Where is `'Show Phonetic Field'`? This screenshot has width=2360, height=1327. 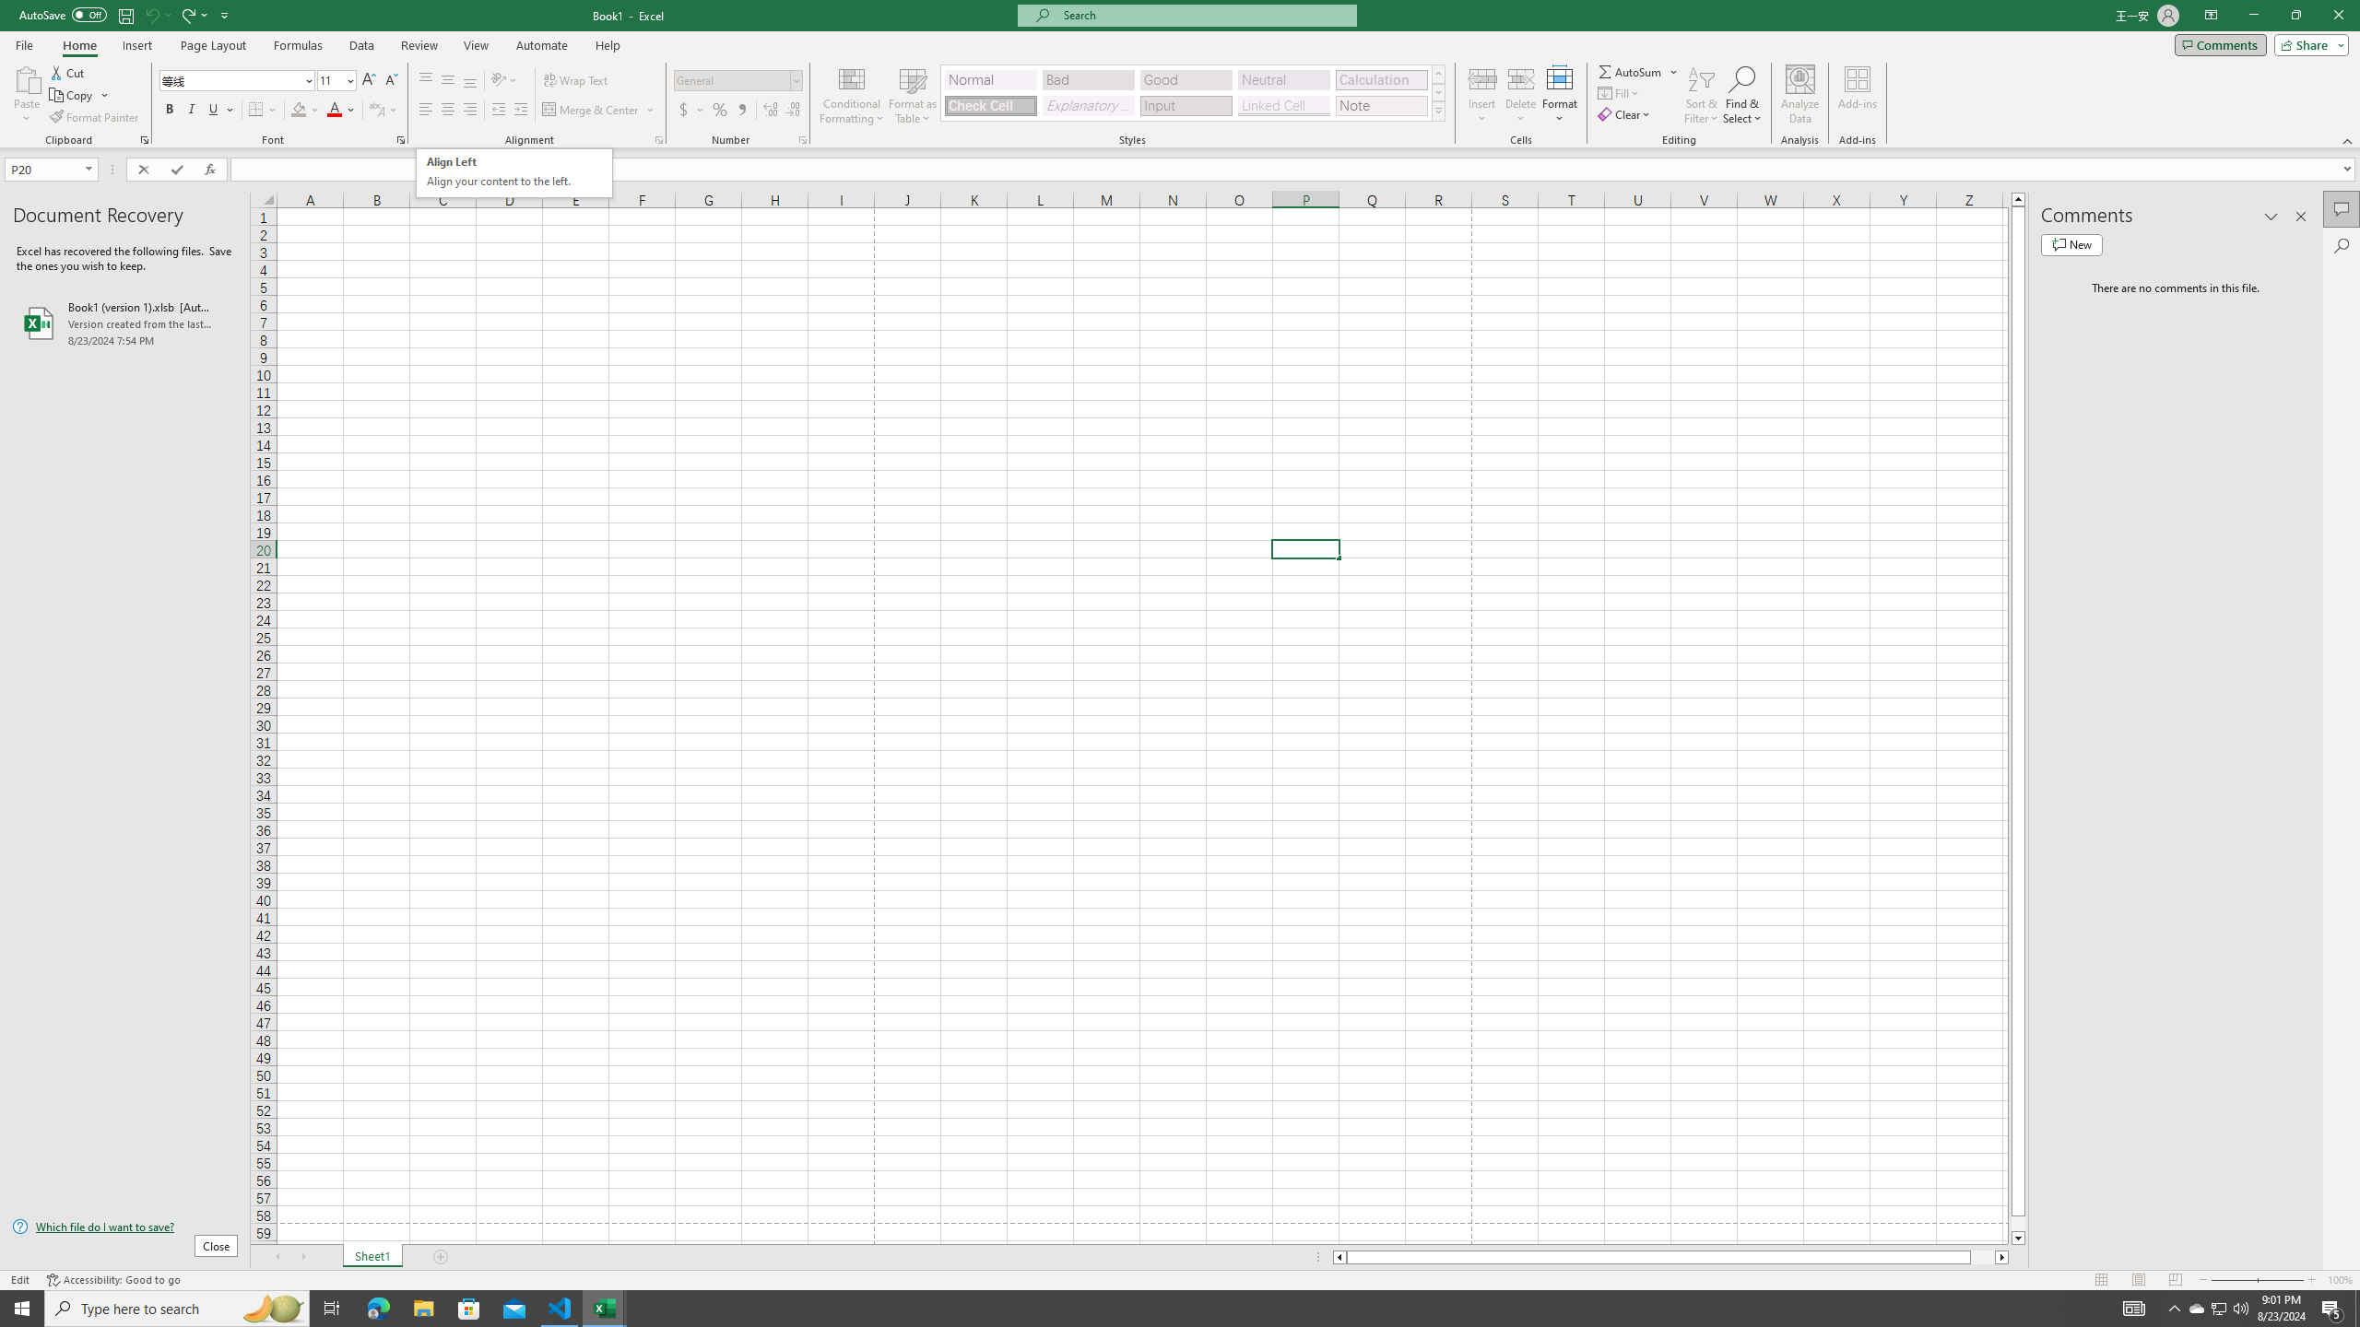
'Show Phonetic Field' is located at coordinates (383, 109).